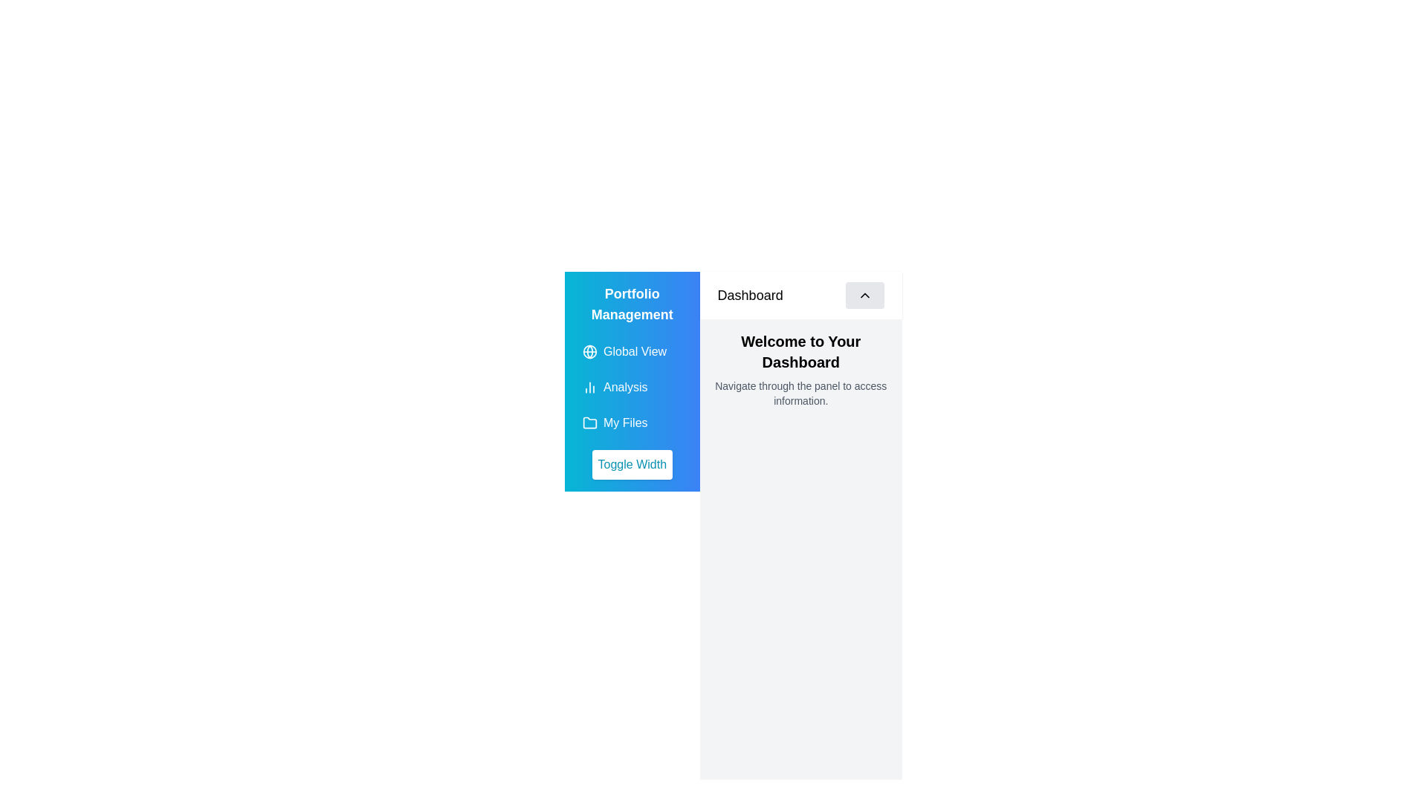 The width and height of the screenshot is (1427, 802). I want to click on the icon representing the 'Analysis' menu option, located to the left of the 'Analysis' text in the sidebar of the application interface, so click(589, 386).